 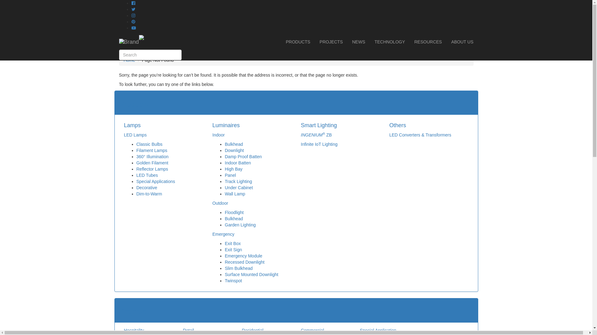 What do you see at coordinates (232, 243) in the screenshot?
I see `'Exit Box'` at bounding box center [232, 243].